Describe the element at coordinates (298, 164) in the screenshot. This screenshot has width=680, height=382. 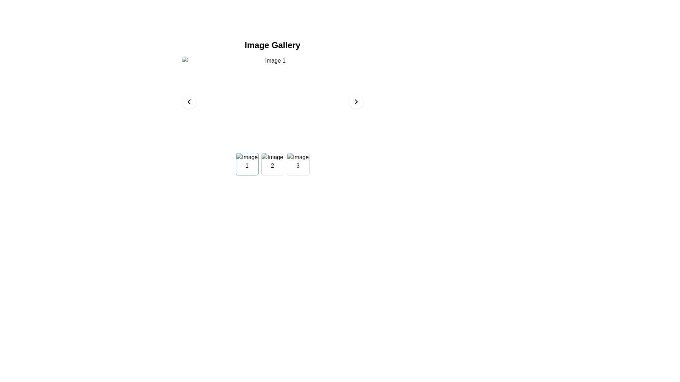
I see `the image thumbnail labeled 'Image 3'` at that location.